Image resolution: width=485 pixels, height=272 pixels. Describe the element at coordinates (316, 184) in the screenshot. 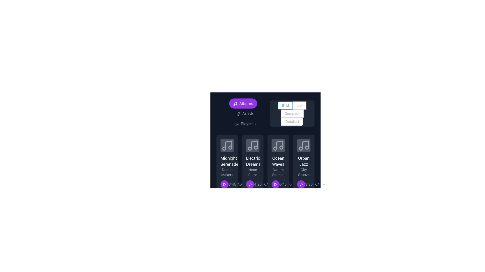

I see `the 'favorite' icon button located in the bottom-right corner of the last music card` at that location.